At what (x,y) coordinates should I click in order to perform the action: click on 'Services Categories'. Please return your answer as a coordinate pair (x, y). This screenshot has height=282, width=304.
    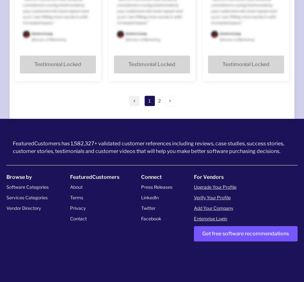
    Looking at the image, I should click on (6, 197).